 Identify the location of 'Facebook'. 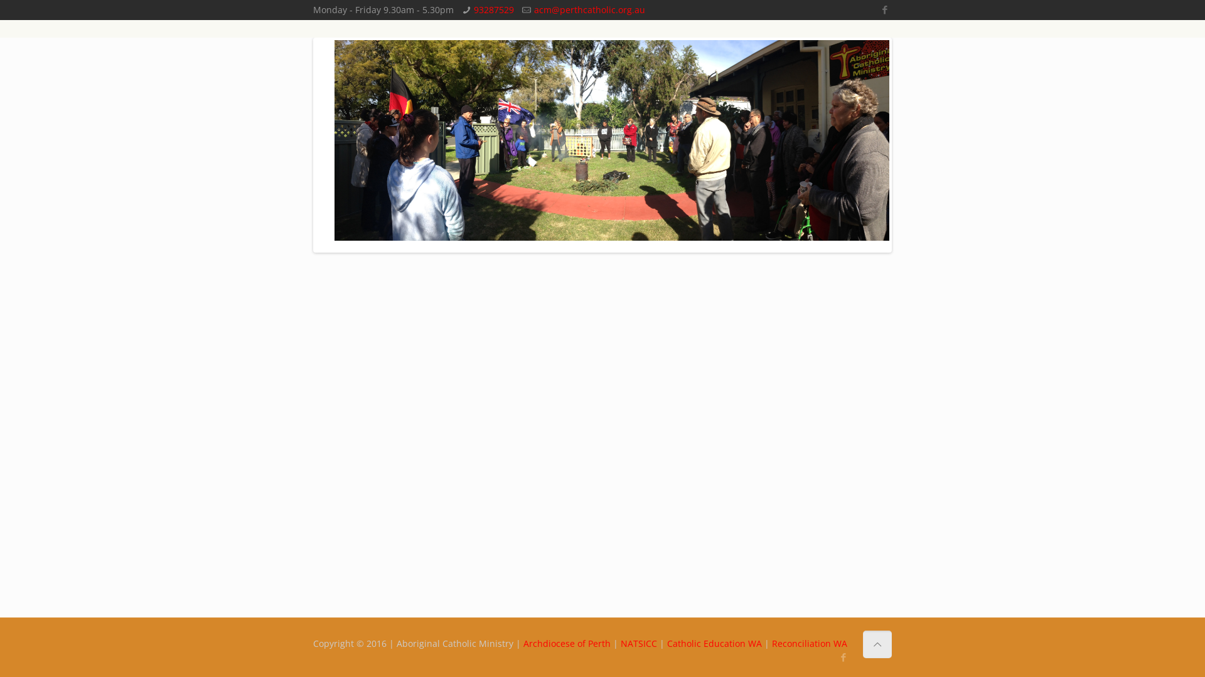
(884, 9).